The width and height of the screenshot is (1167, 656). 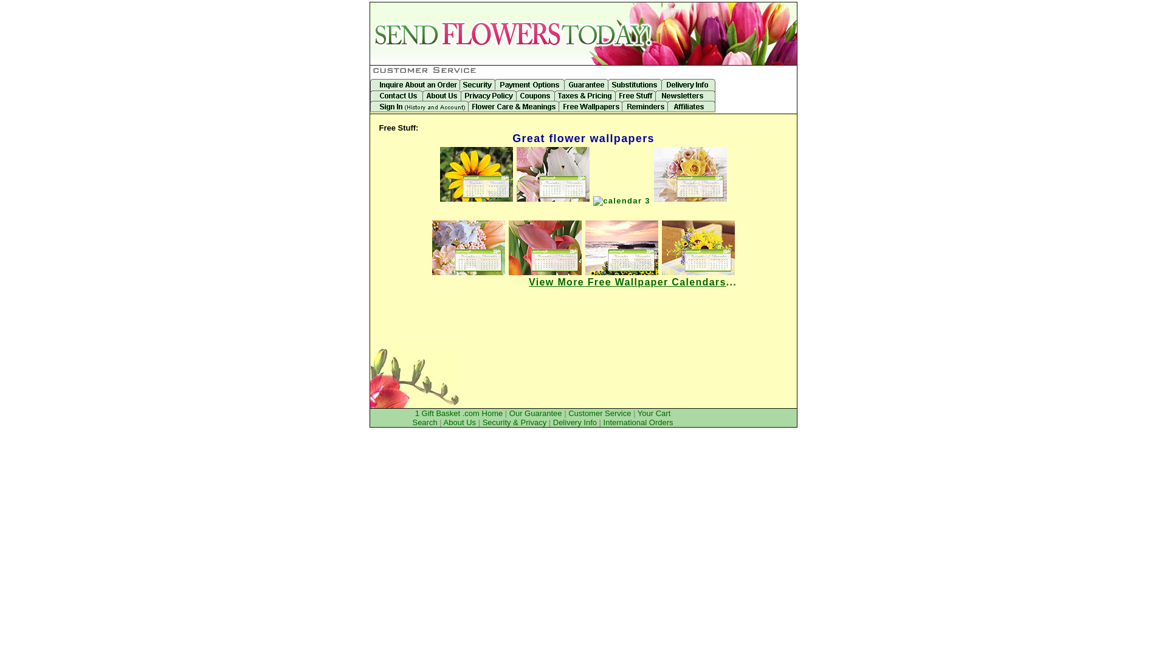 What do you see at coordinates (574, 422) in the screenshot?
I see `'Delivery Info'` at bounding box center [574, 422].